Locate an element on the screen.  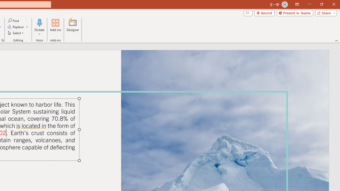
'Format Object...' is located at coordinates (3, 40).